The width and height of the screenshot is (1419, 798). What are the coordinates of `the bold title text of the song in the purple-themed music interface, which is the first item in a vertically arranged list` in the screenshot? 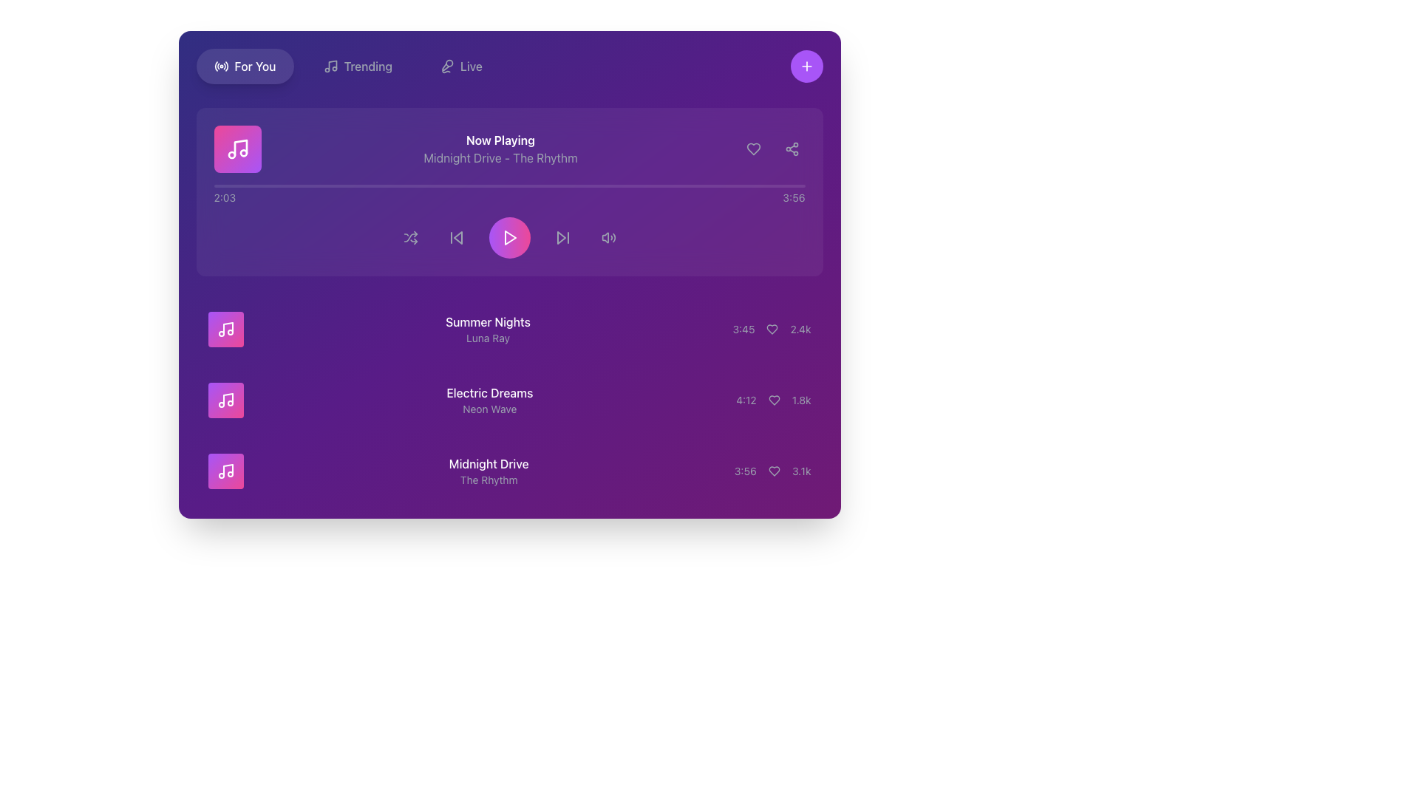 It's located at (488, 321).